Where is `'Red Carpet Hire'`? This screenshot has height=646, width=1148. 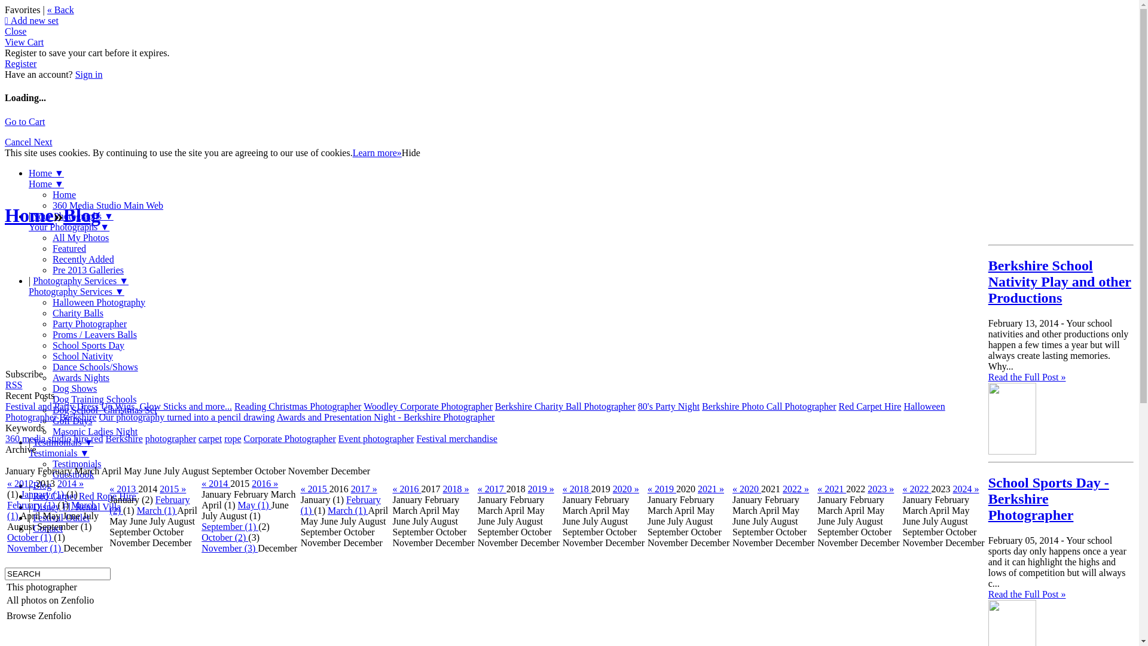
'Red Carpet Hire' is located at coordinates (838, 406).